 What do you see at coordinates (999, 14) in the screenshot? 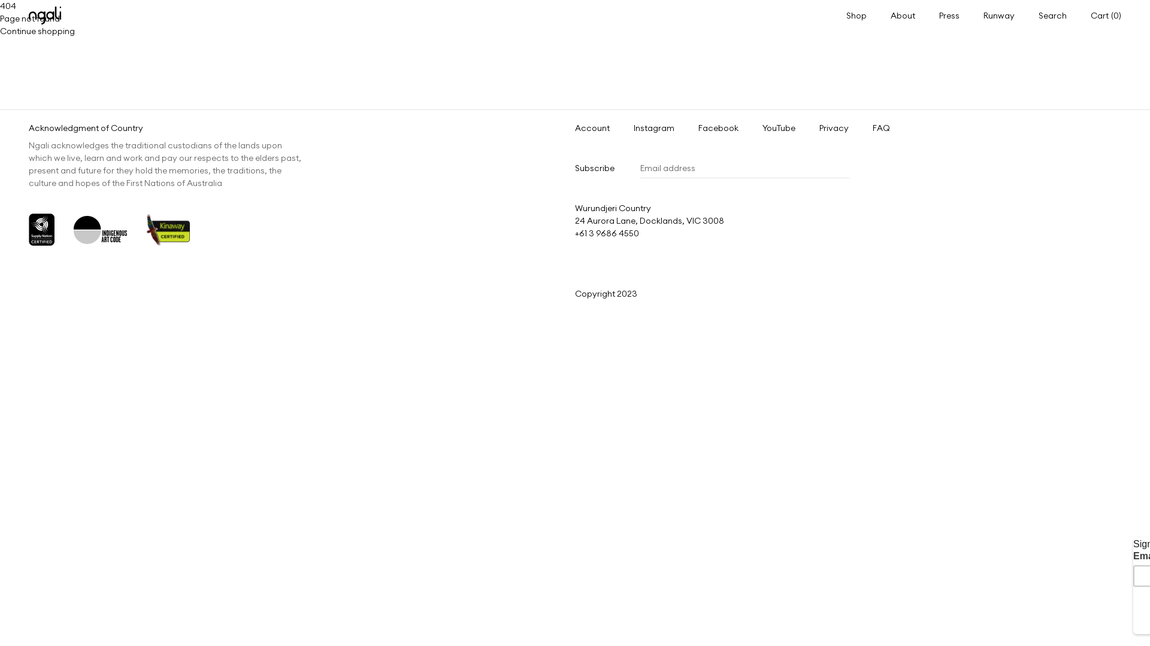
I see `'Runway'` at bounding box center [999, 14].